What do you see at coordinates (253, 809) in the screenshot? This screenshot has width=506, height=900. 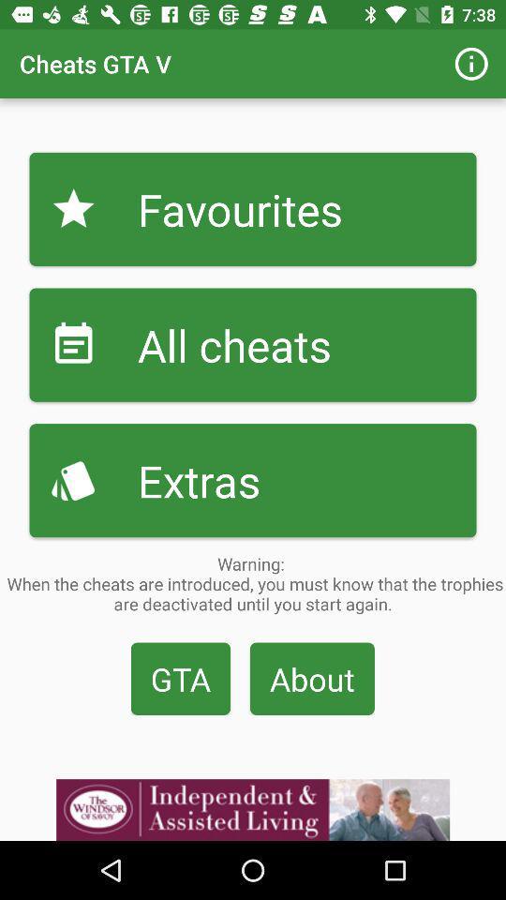 I see `click on advertisement` at bounding box center [253, 809].